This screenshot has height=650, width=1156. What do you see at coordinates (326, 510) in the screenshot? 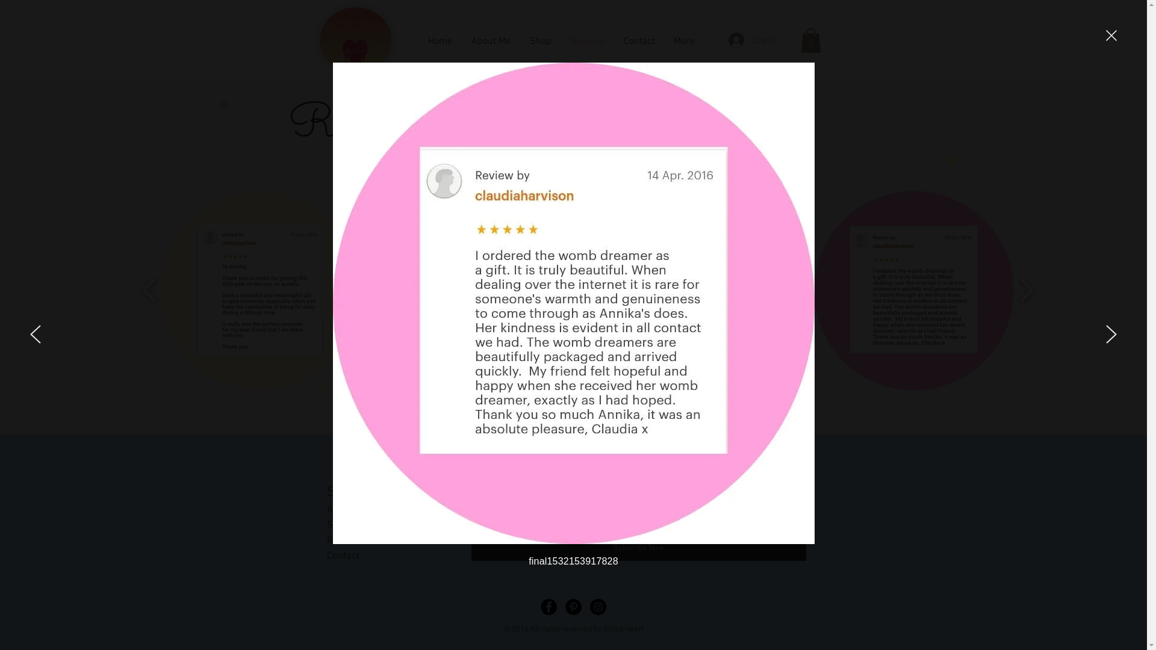
I see `'About Me'` at bounding box center [326, 510].